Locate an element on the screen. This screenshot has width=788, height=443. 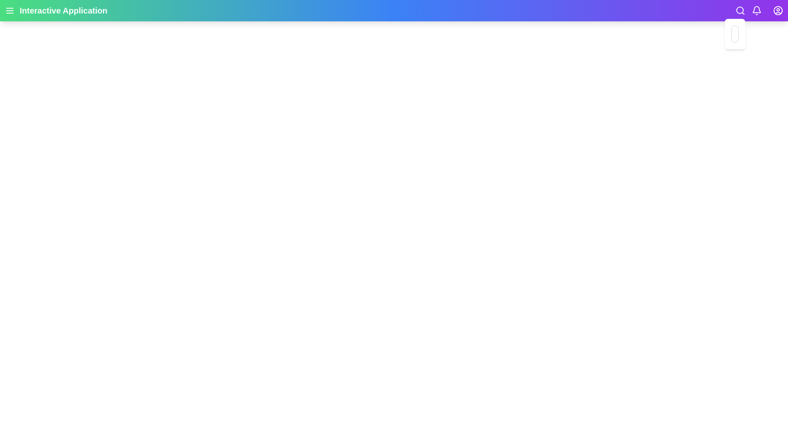
the user icon to view profile options is located at coordinates (778, 11).